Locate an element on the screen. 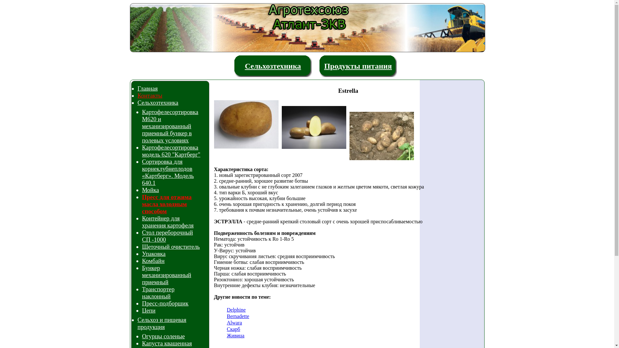  'Delphine' is located at coordinates (236, 309).